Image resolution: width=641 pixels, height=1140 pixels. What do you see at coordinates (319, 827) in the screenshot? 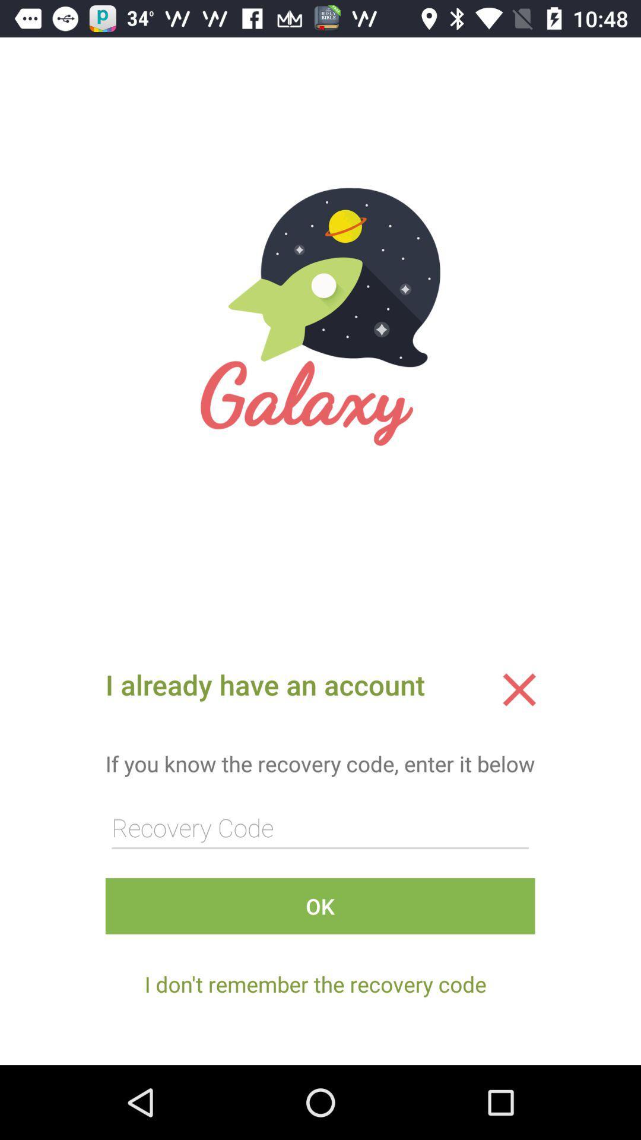
I see `fill in the code` at bounding box center [319, 827].